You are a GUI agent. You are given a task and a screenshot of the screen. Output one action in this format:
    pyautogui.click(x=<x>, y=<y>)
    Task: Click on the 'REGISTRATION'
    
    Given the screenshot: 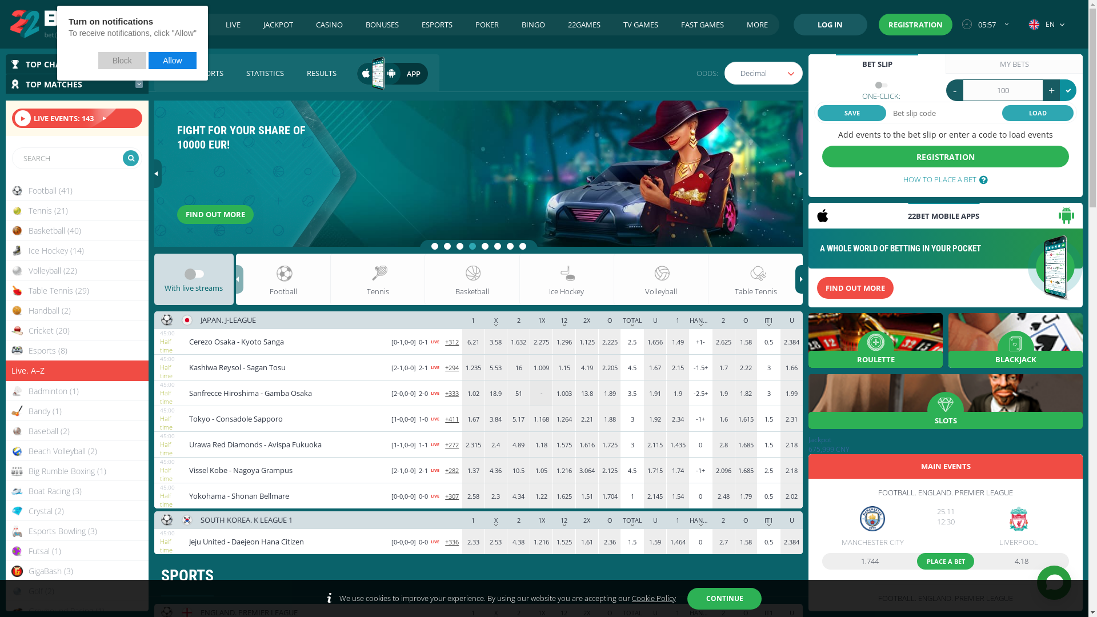 What is the action you would take?
    pyautogui.click(x=915, y=24)
    